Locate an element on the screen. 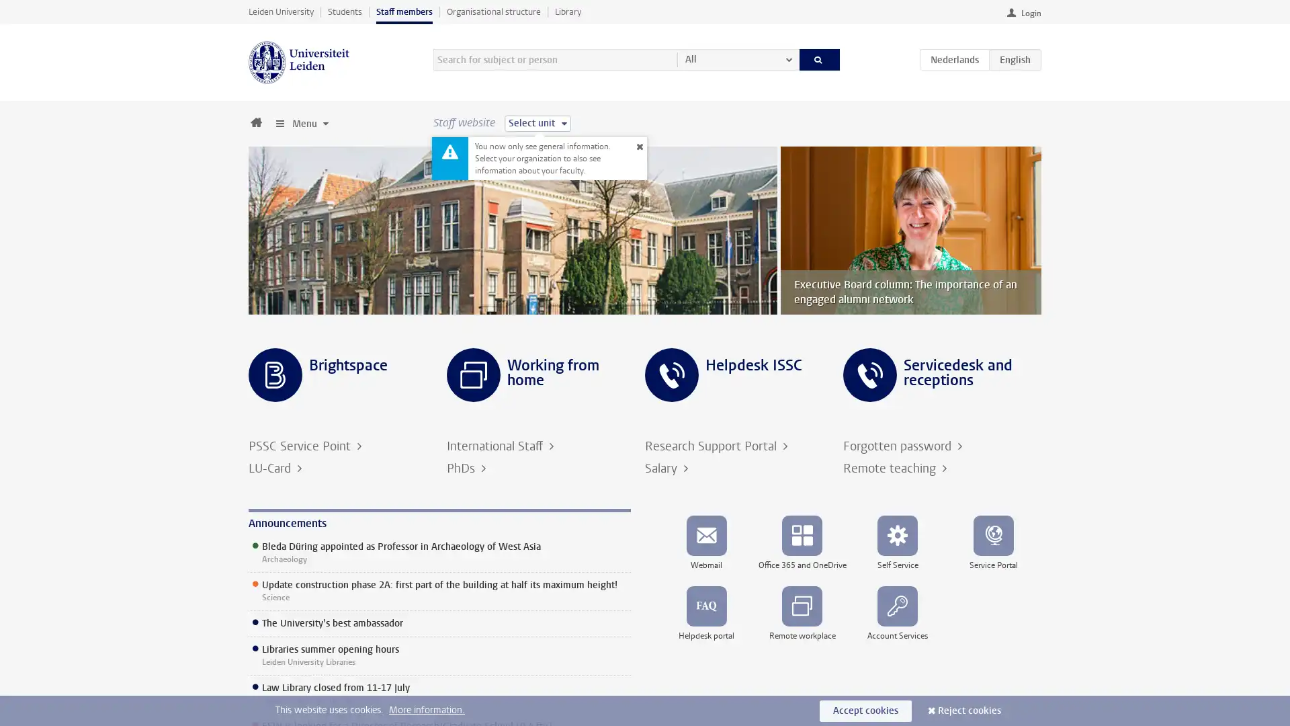 The height and width of the screenshot is (726, 1290). Reject cookies is located at coordinates (970, 710).